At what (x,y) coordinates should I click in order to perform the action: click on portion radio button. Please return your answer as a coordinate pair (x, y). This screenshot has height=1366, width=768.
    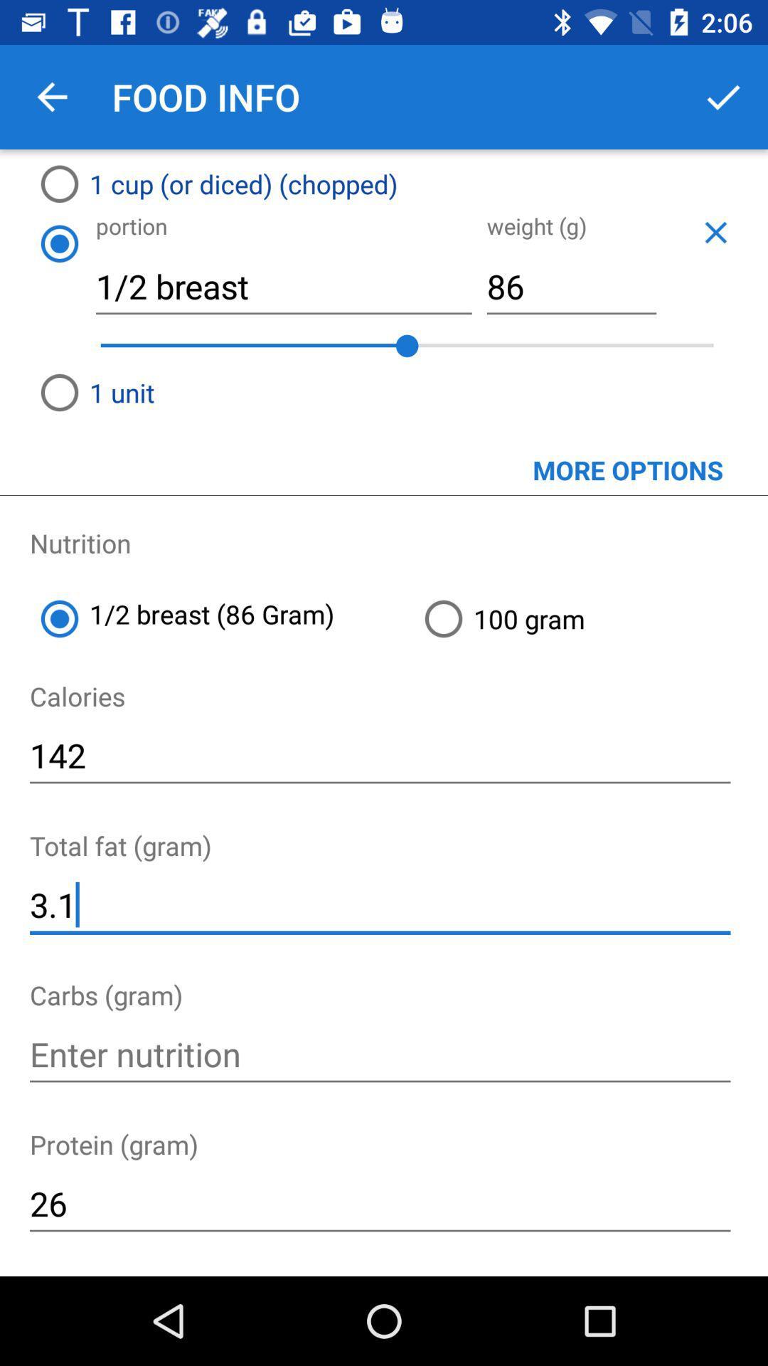
    Looking at the image, I should click on (58, 243).